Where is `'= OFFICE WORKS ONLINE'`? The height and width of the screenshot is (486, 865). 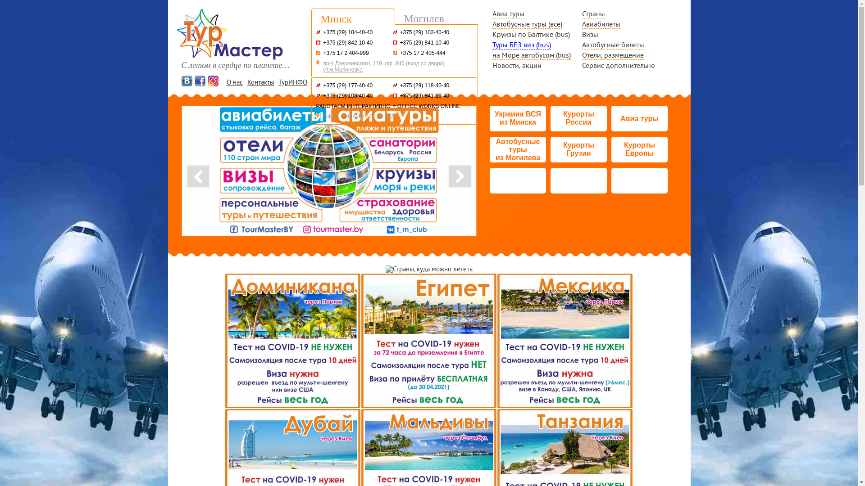 '= OFFICE WORKS ONLINE' is located at coordinates (393, 105).